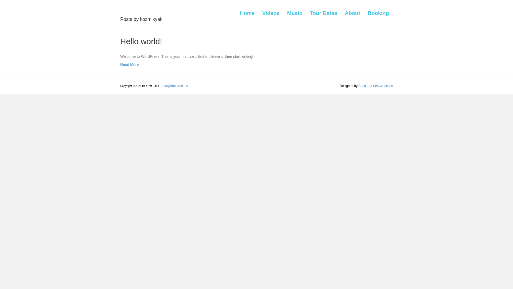 The height and width of the screenshot is (289, 513). What do you see at coordinates (247, 13) in the screenshot?
I see `'Home'` at bounding box center [247, 13].